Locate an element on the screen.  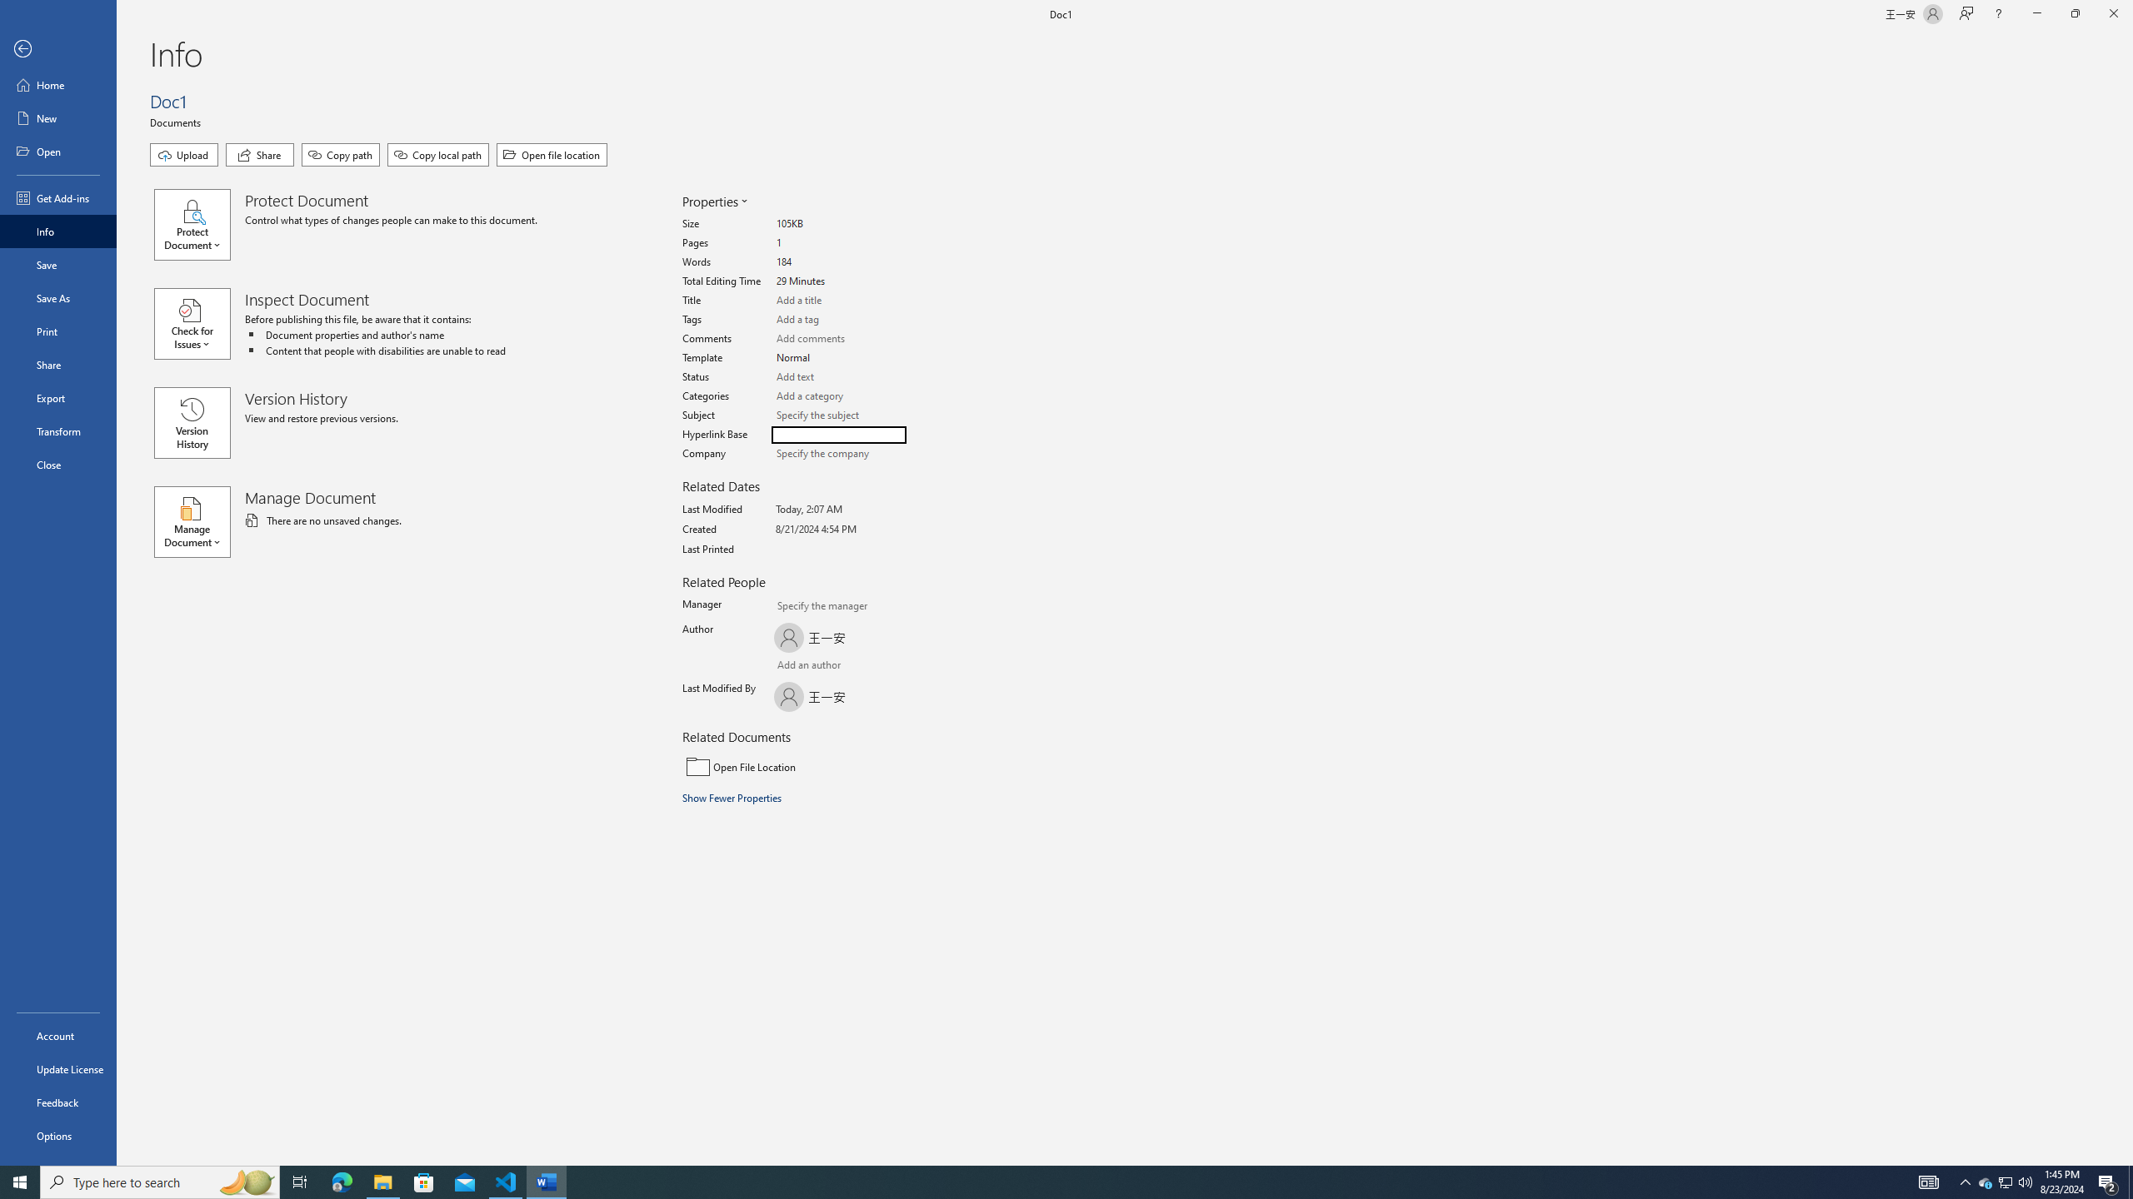
'Comments' is located at coordinates (838, 338).